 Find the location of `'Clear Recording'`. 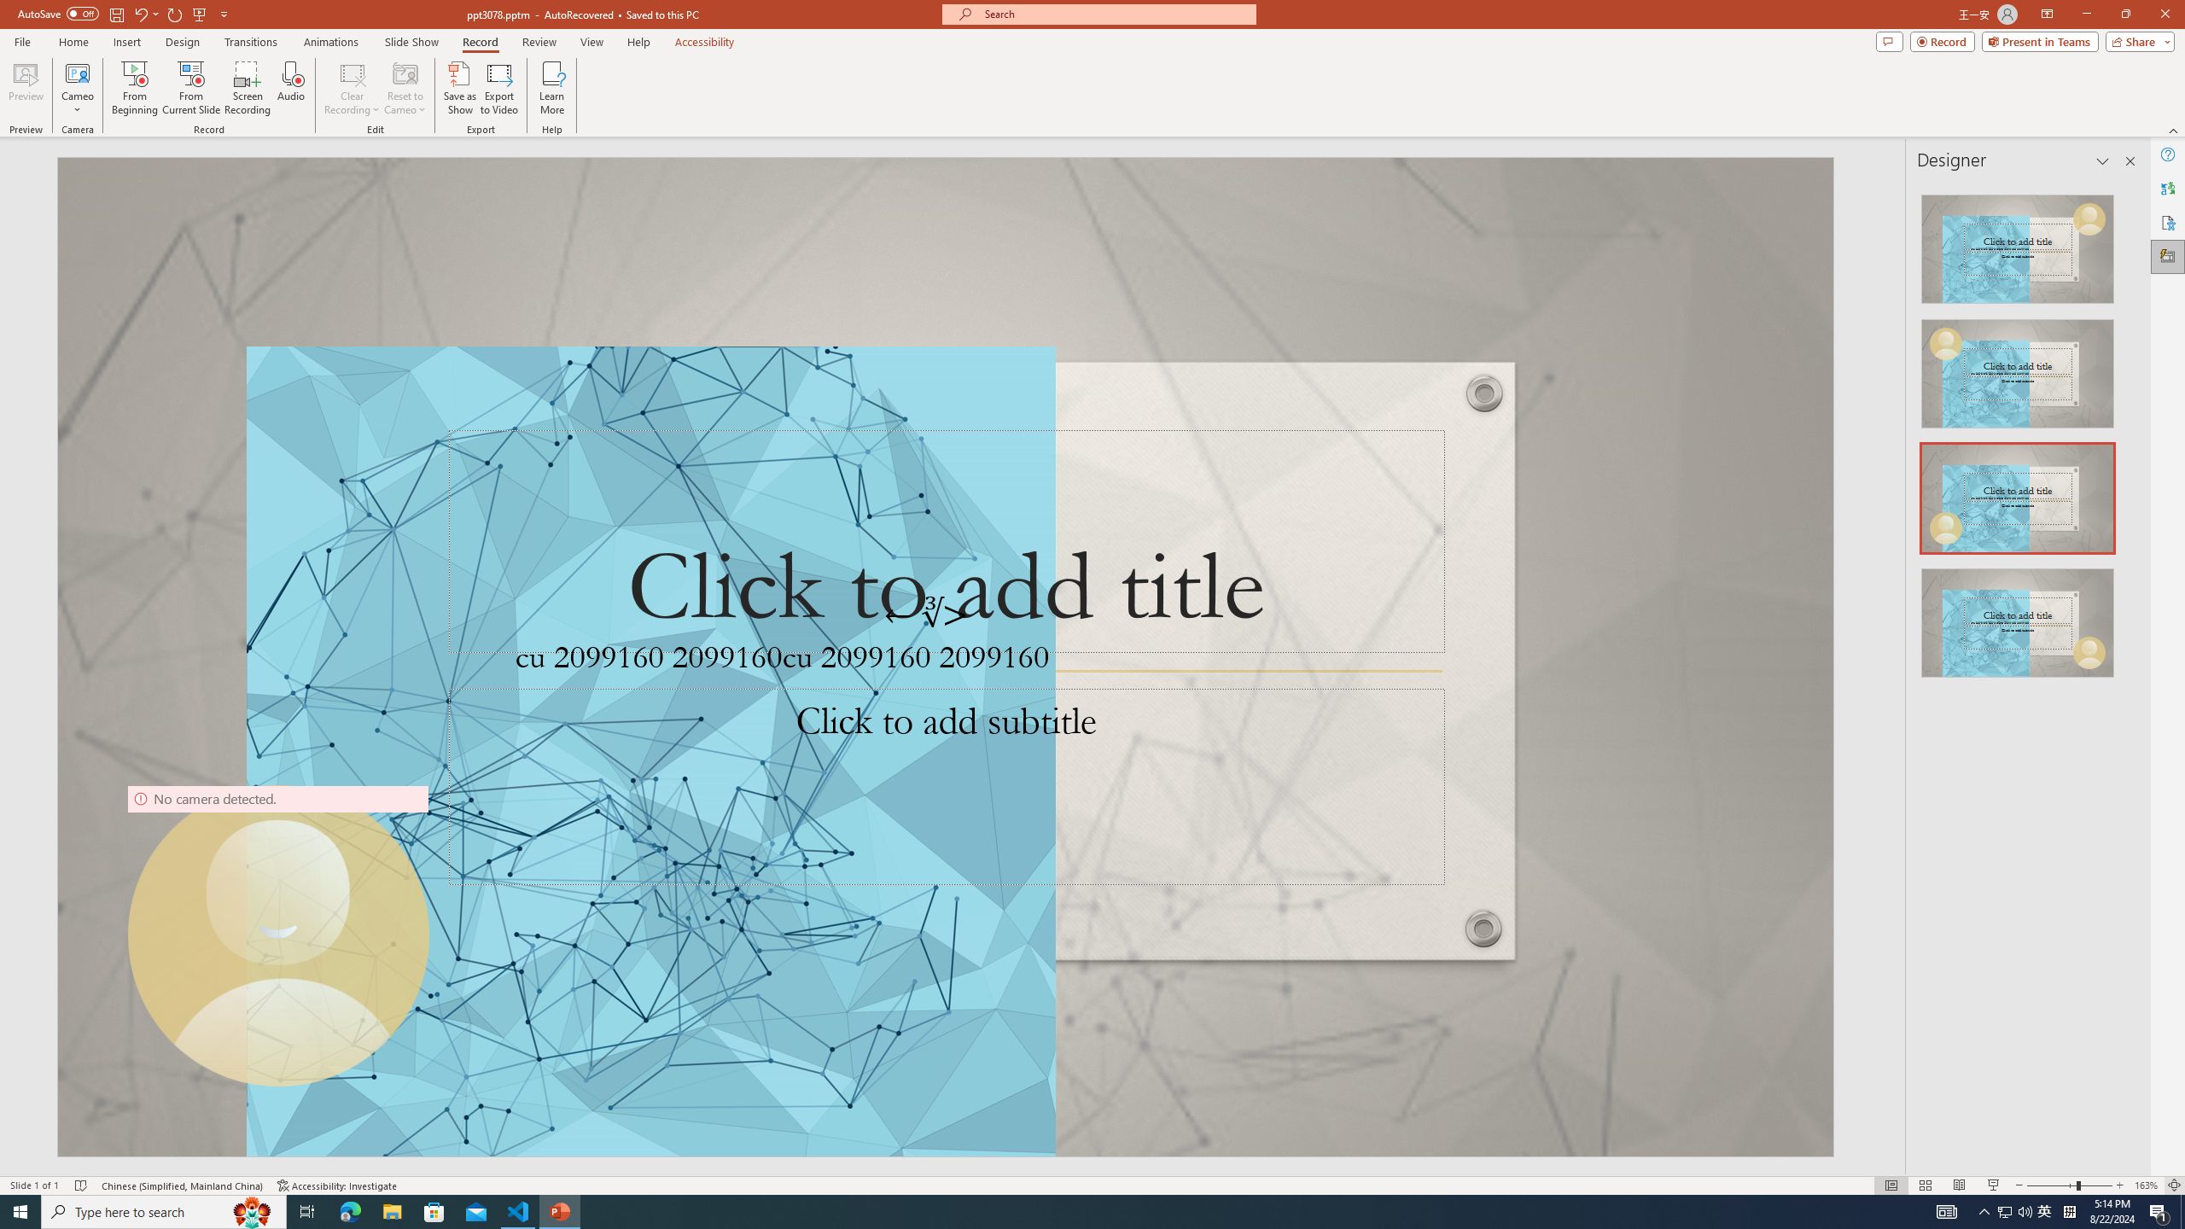

'Clear Recording' is located at coordinates (352, 88).